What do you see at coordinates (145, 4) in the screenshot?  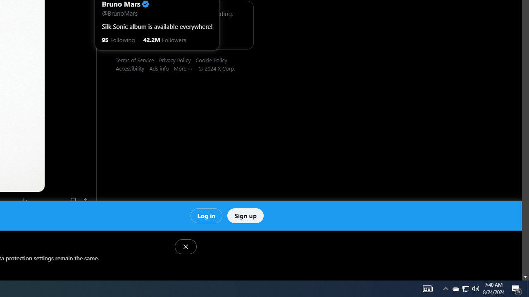 I see `'Verified account'` at bounding box center [145, 4].